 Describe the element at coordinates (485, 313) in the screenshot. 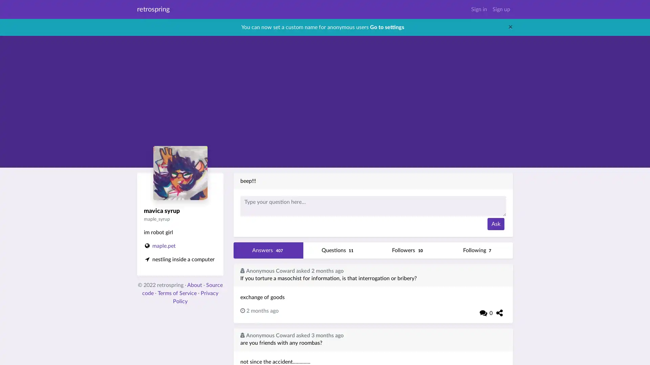

I see `0` at that location.